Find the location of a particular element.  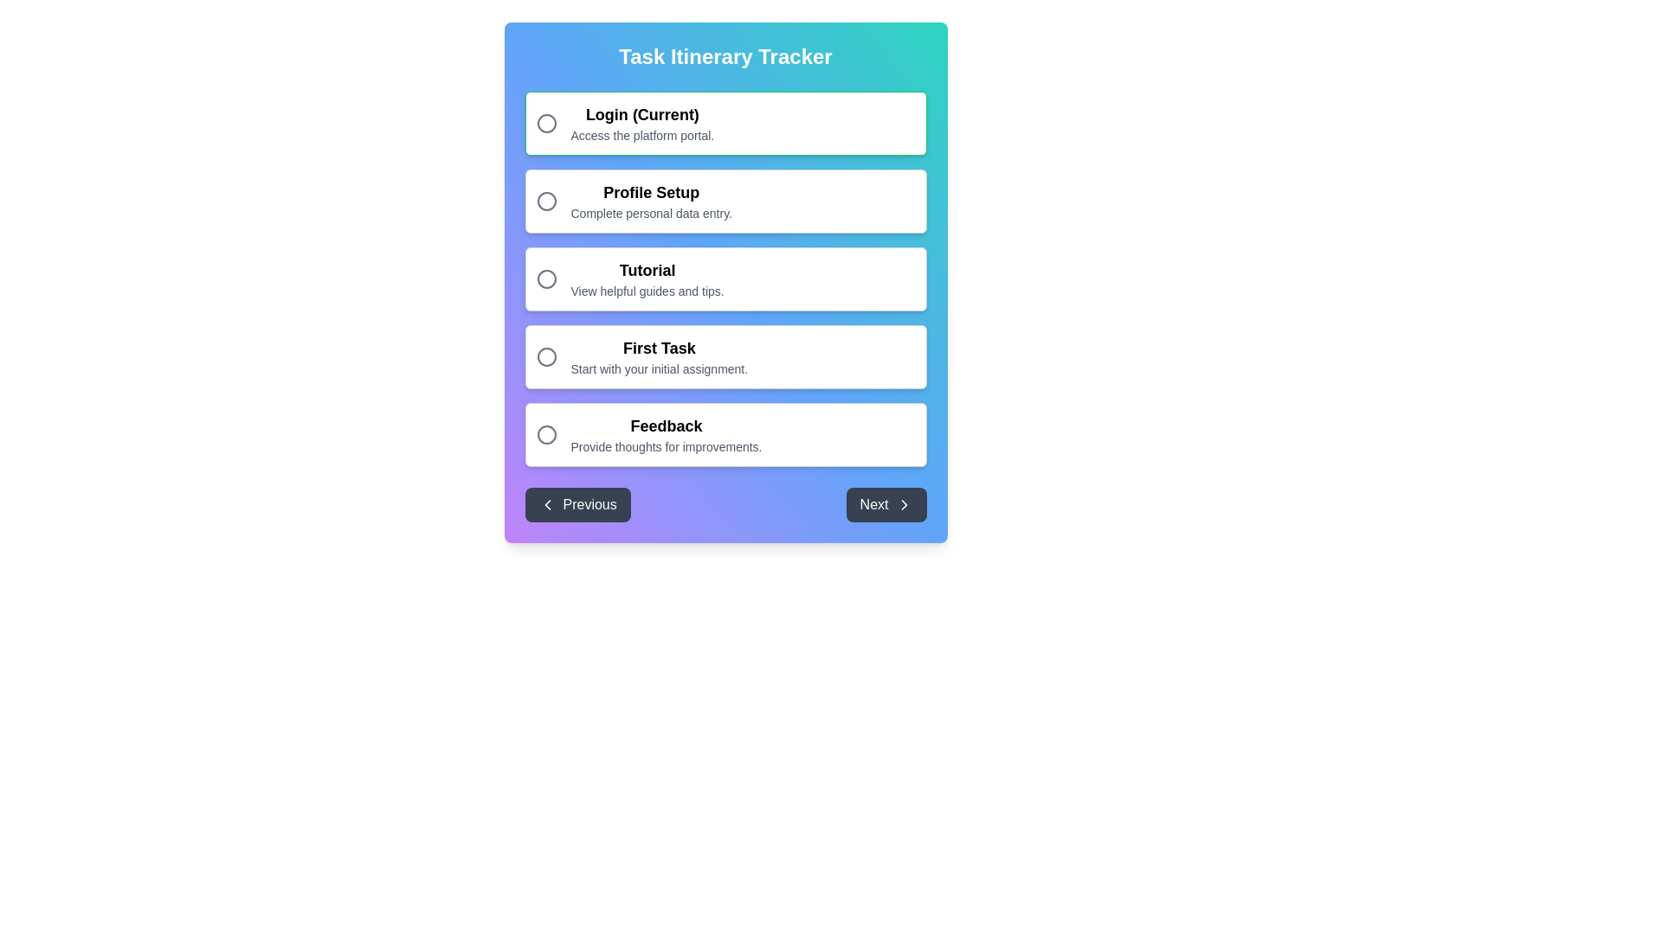

the SVG icon located immediately to the left of the 'Feedback' title, which serves as a selectable option or list marker for the feedback section is located at coordinates (545, 433).